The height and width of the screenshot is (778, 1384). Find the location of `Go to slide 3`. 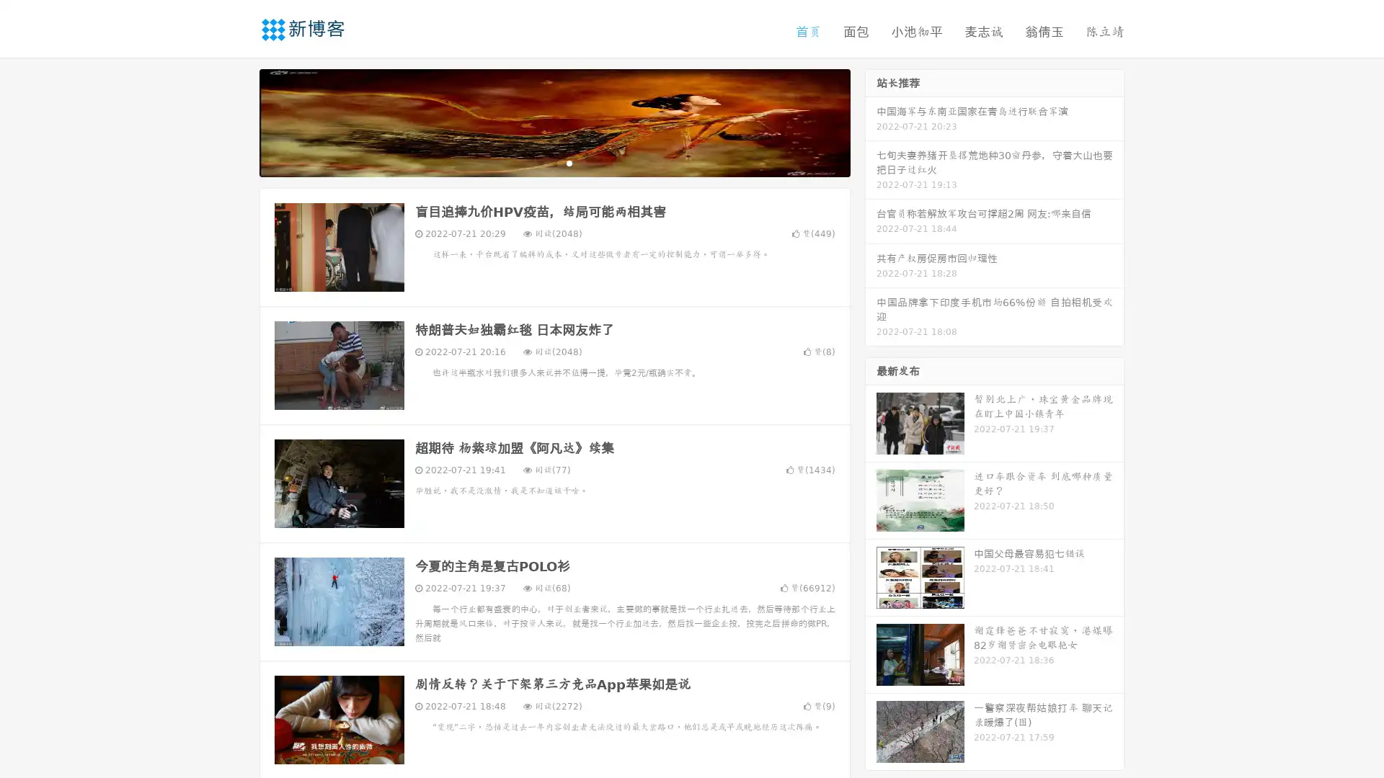

Go to slide 3 is located at coordinates (569, 162).